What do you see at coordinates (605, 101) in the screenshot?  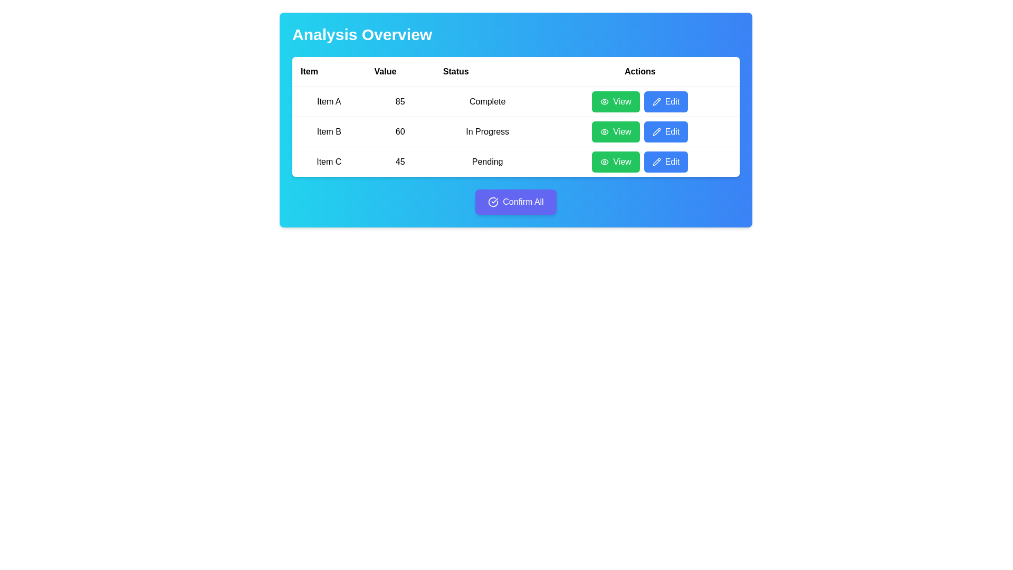 I see `the eye-shaped SVG icon in the 'View' button located in the 'Actions' column of the first row in the 'Analysis Overview' table` at bounding box center [605, 101].